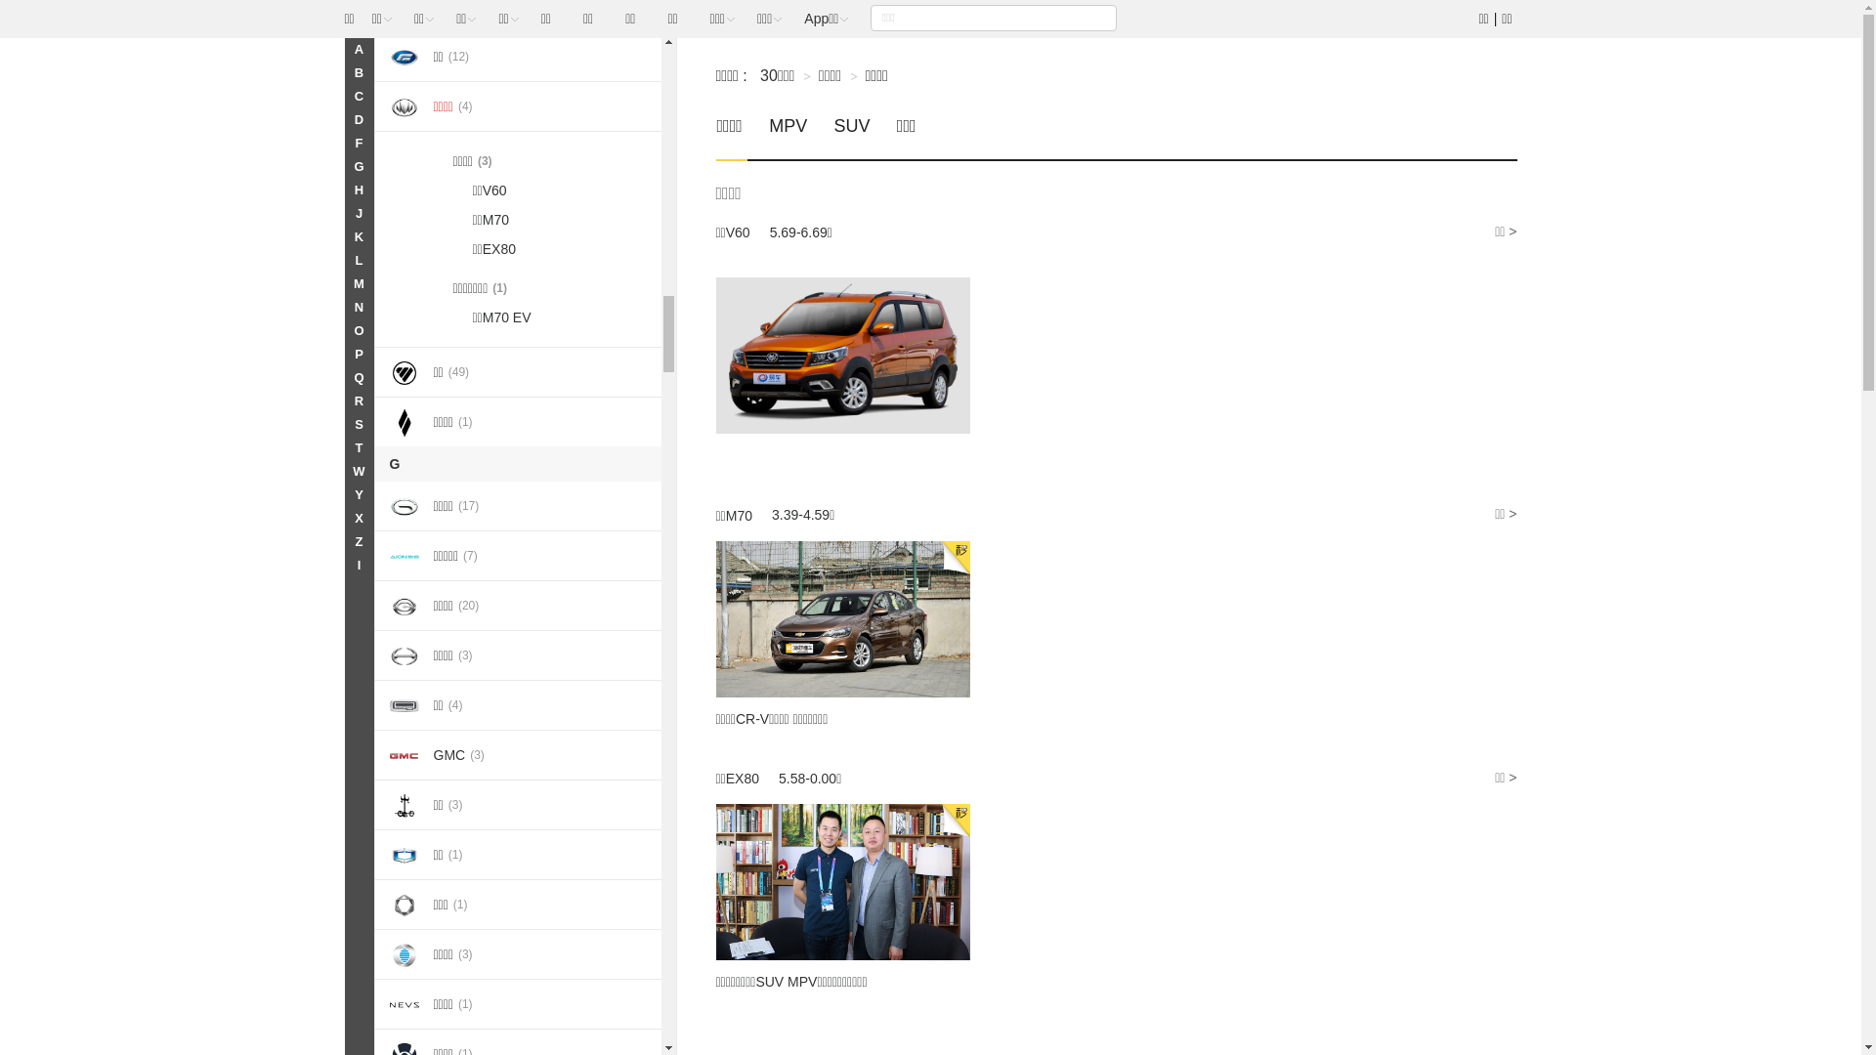 This screenshot has width=1876, height=1055. Describe the element at coordinates (343, 565) in the screenshot. I see `'I'` at that location.